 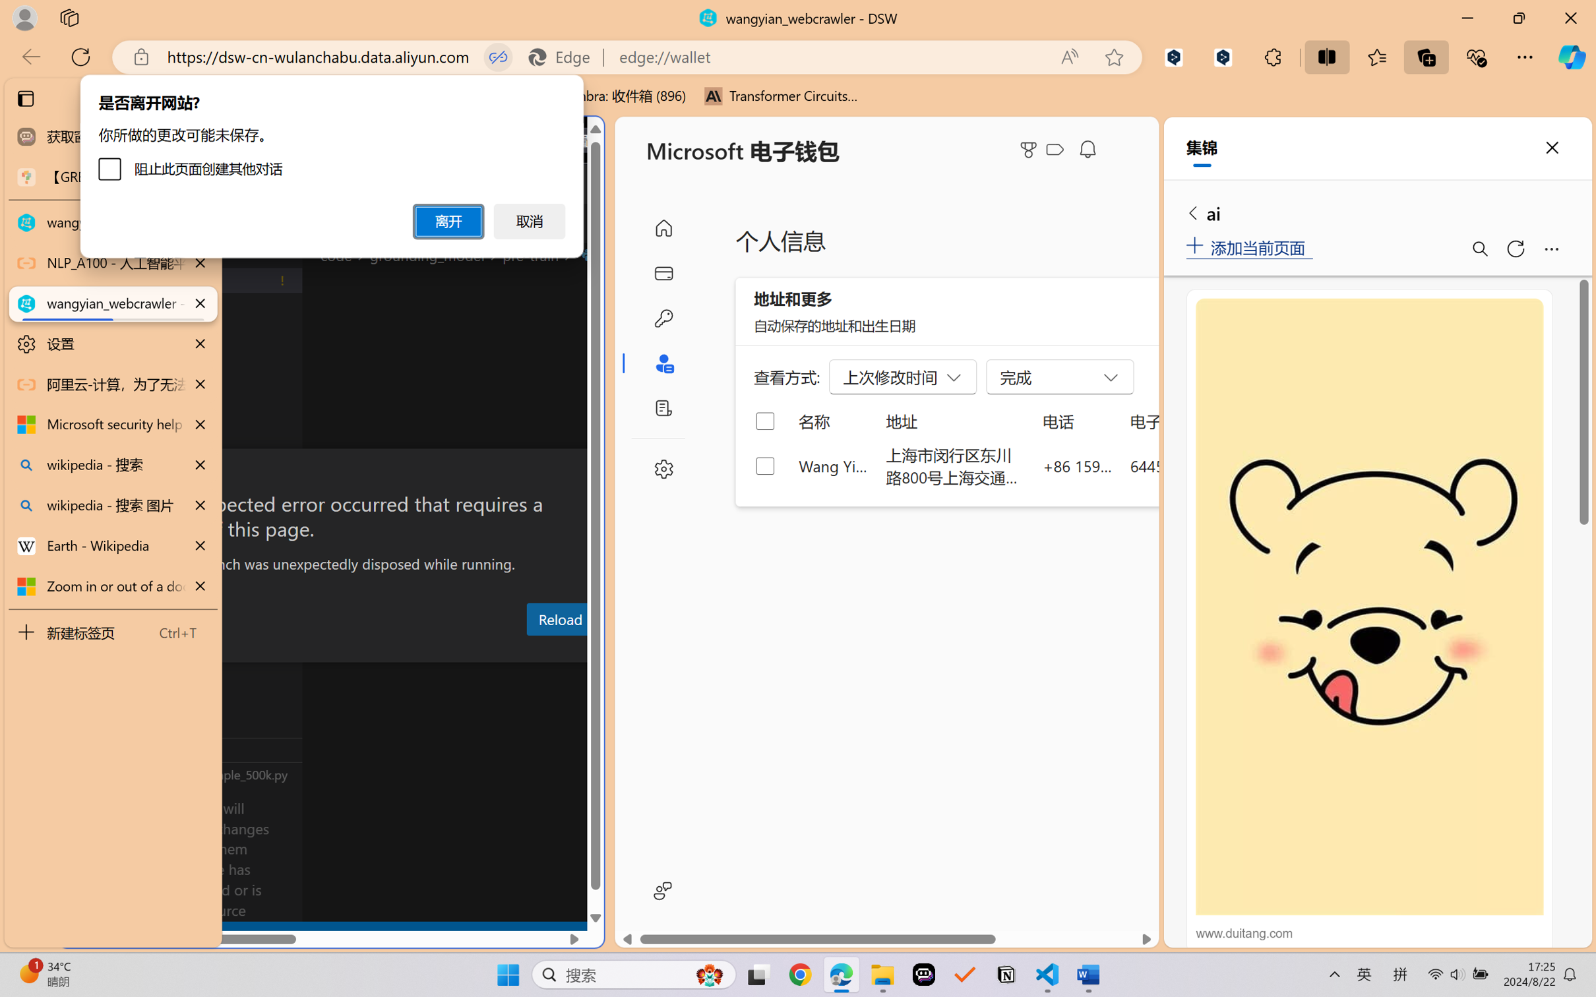 What do you see at coordinates (1199, 465) in the screenshot?
I see `'644553698@qq.com'` at bounding box center [1199, 465].